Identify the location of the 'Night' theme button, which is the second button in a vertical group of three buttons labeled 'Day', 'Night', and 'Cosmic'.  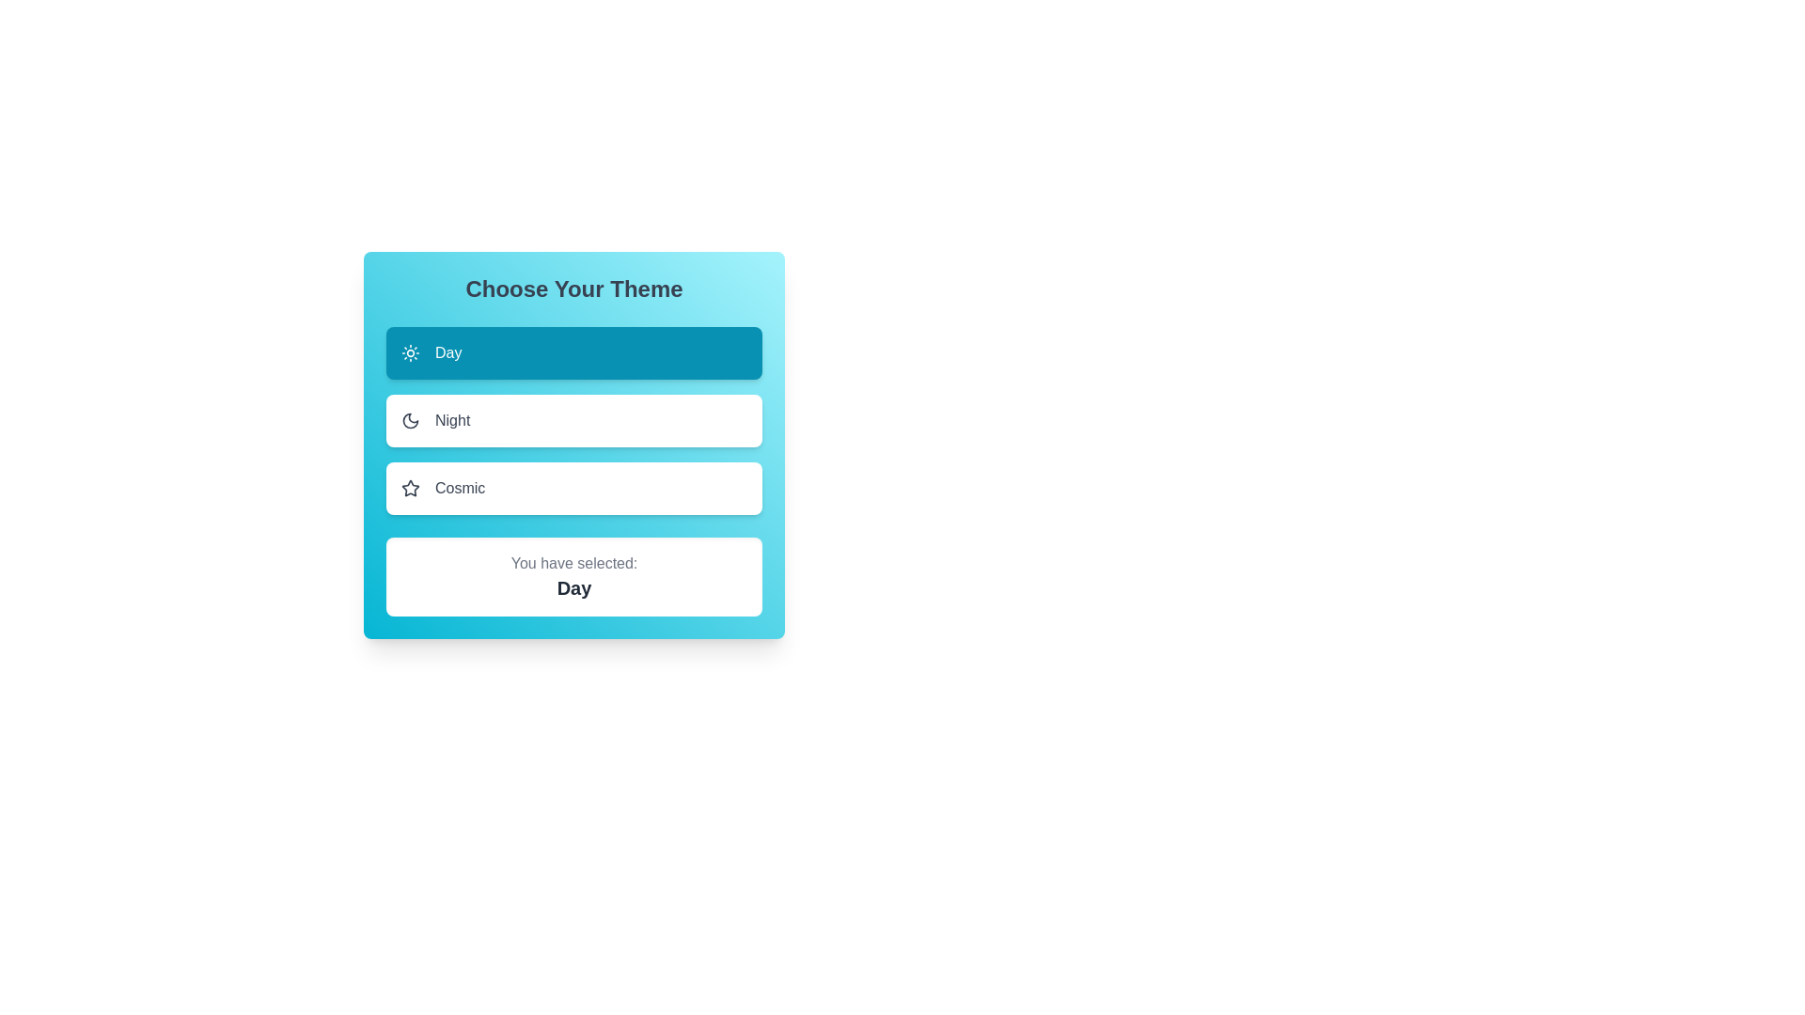
(573, 419).